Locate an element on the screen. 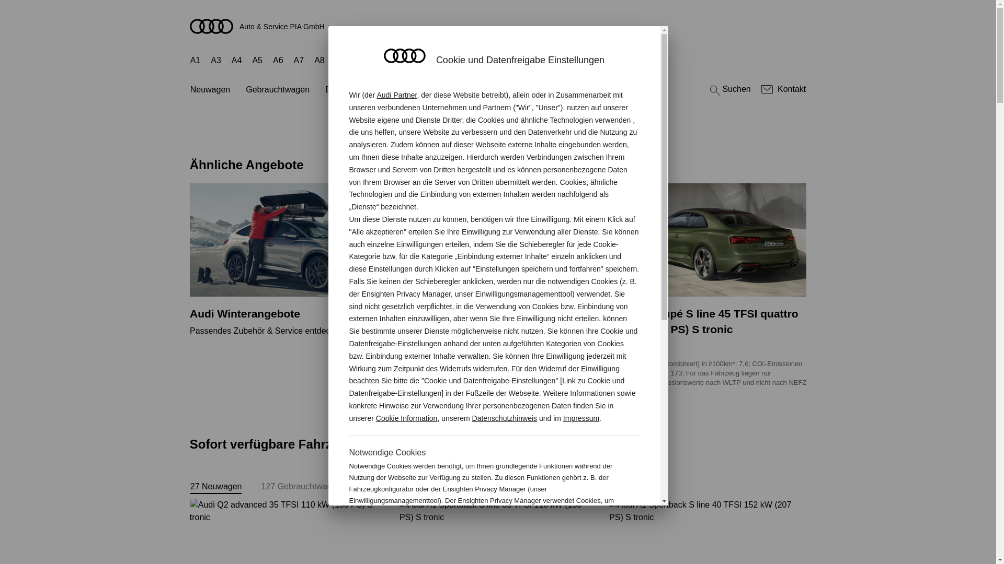 This screenshot has height=564, width=1004. 'Cookie Information' is located at coordinates (406, 418).